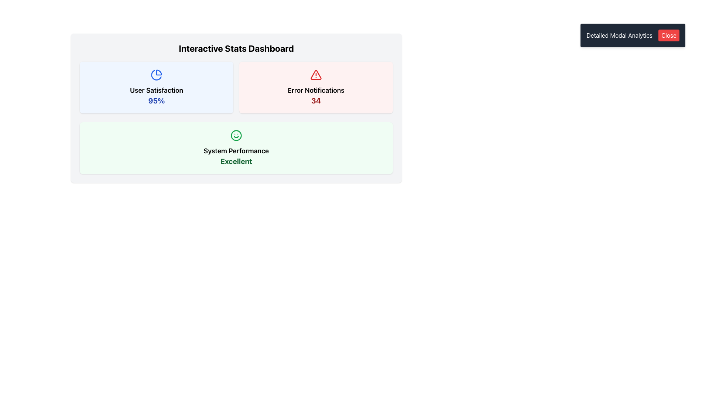 This screenshot has width=709, height=399. What do you see at coordinates (156, 90) in the screenshot?
I see `the 'User Satisfaction' label which is a bold text element located in the top-left corner of the main content area, positioned above the value '95%' within a light blue card` at bounding box center [156, 90].